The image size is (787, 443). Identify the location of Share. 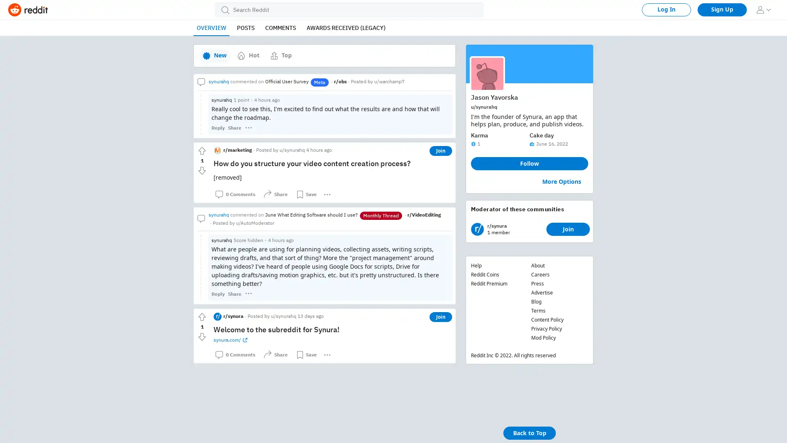
(275, 194).